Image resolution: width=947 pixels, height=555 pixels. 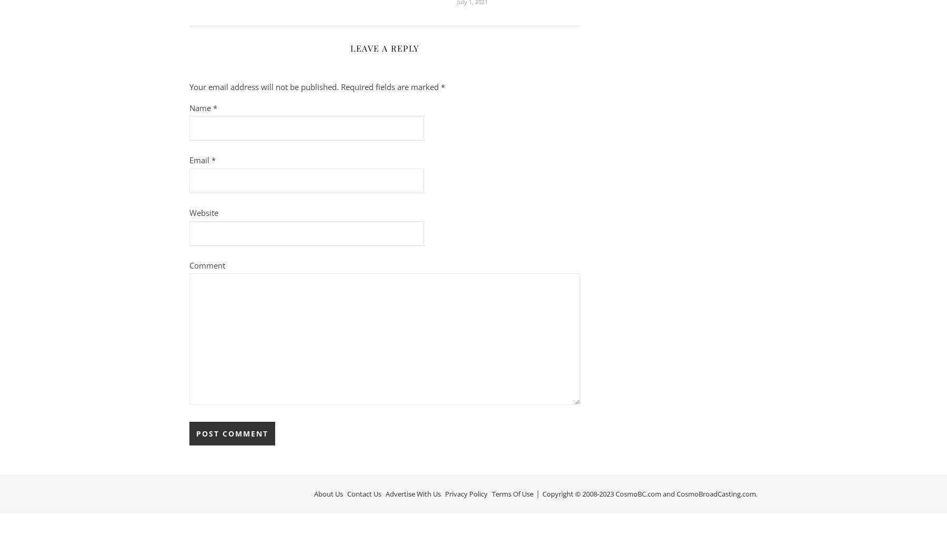 What do you see at coordinates (328, 493) in the screenshot?
I see `'About Us'` at bounding box center [328, 493].